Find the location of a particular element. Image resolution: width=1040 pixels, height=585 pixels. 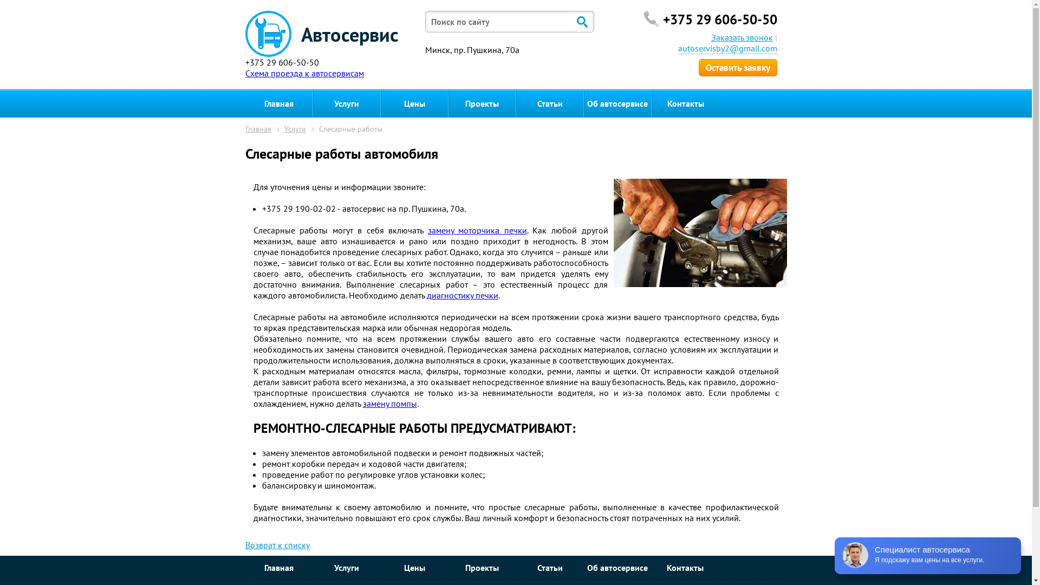

'autoservisby2@gmail.com' is located at coordinates (678, 48).